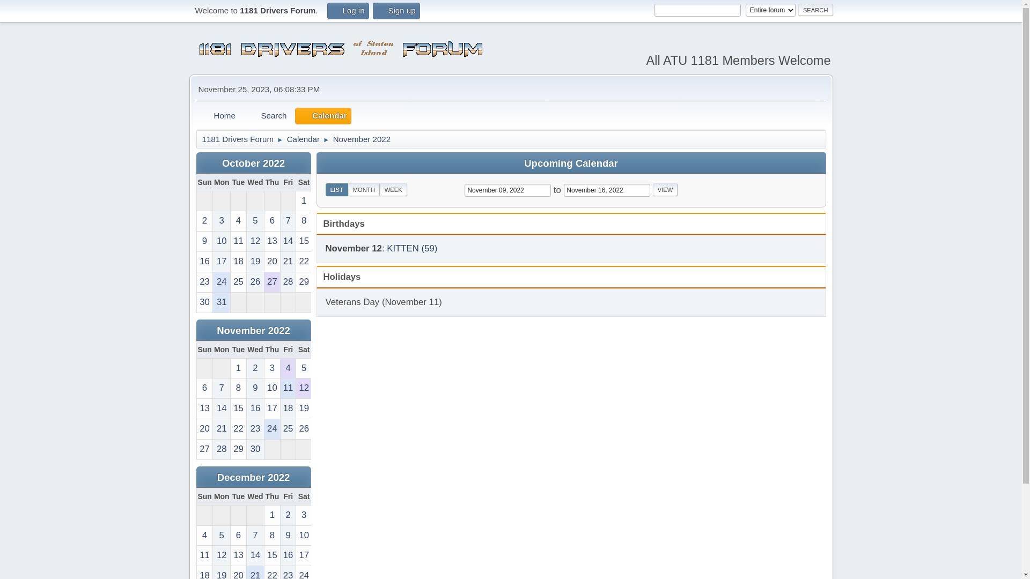  Describe the element at coordinates (303, 368) in the screenshot. I see `'5'` at that location.